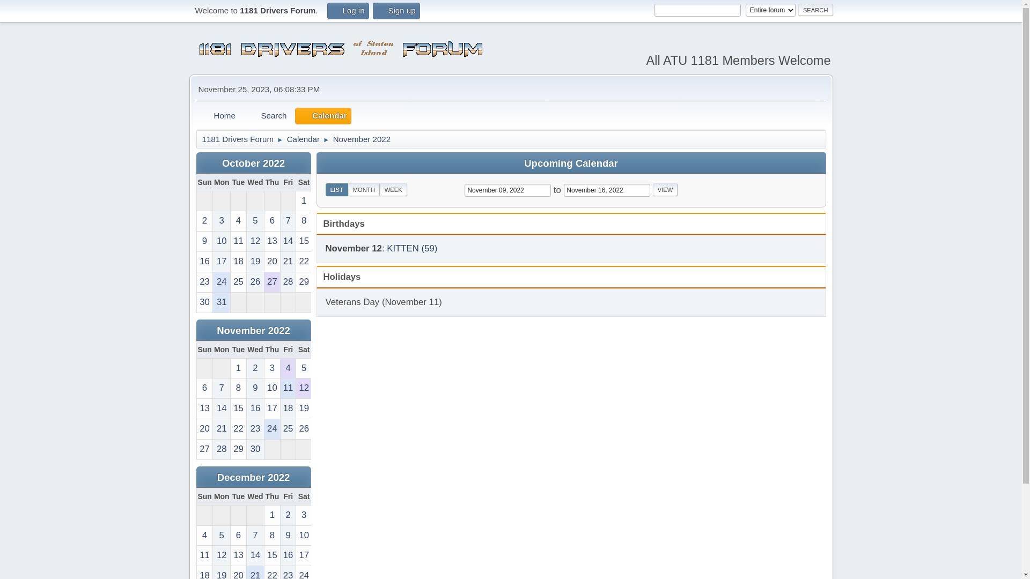  Describe the element at coordinates (303, 368) in the screenshot. I see `'5'` at that location.